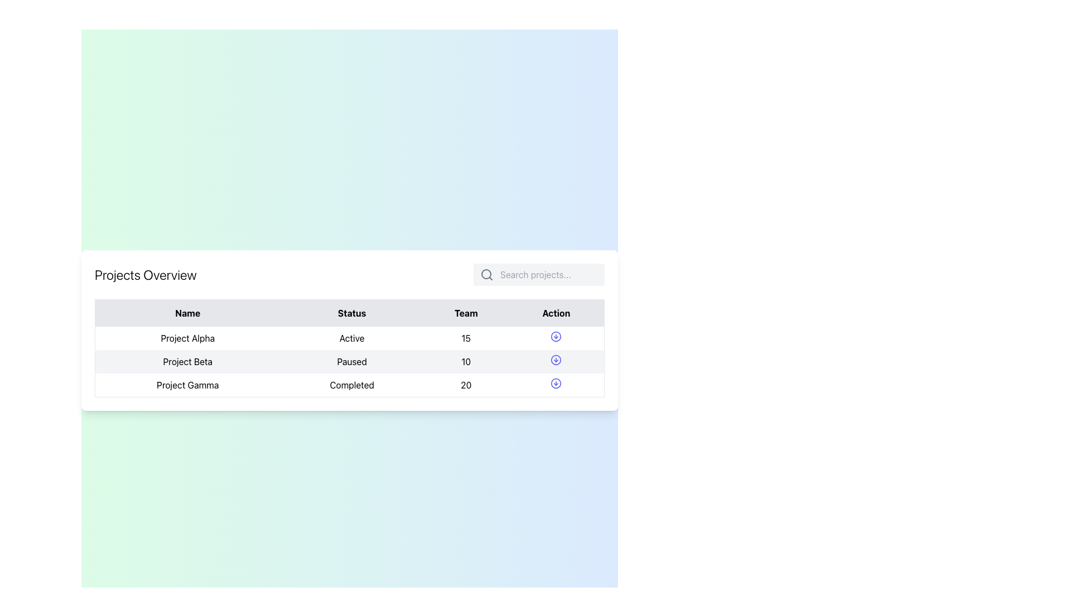  Describe the element at coordinates (556, 385) in the screenshot. I see `the circular button with a blue outline and a downward arrow icon located in the fourth column of the last row under the 'Action' heading` at that location.